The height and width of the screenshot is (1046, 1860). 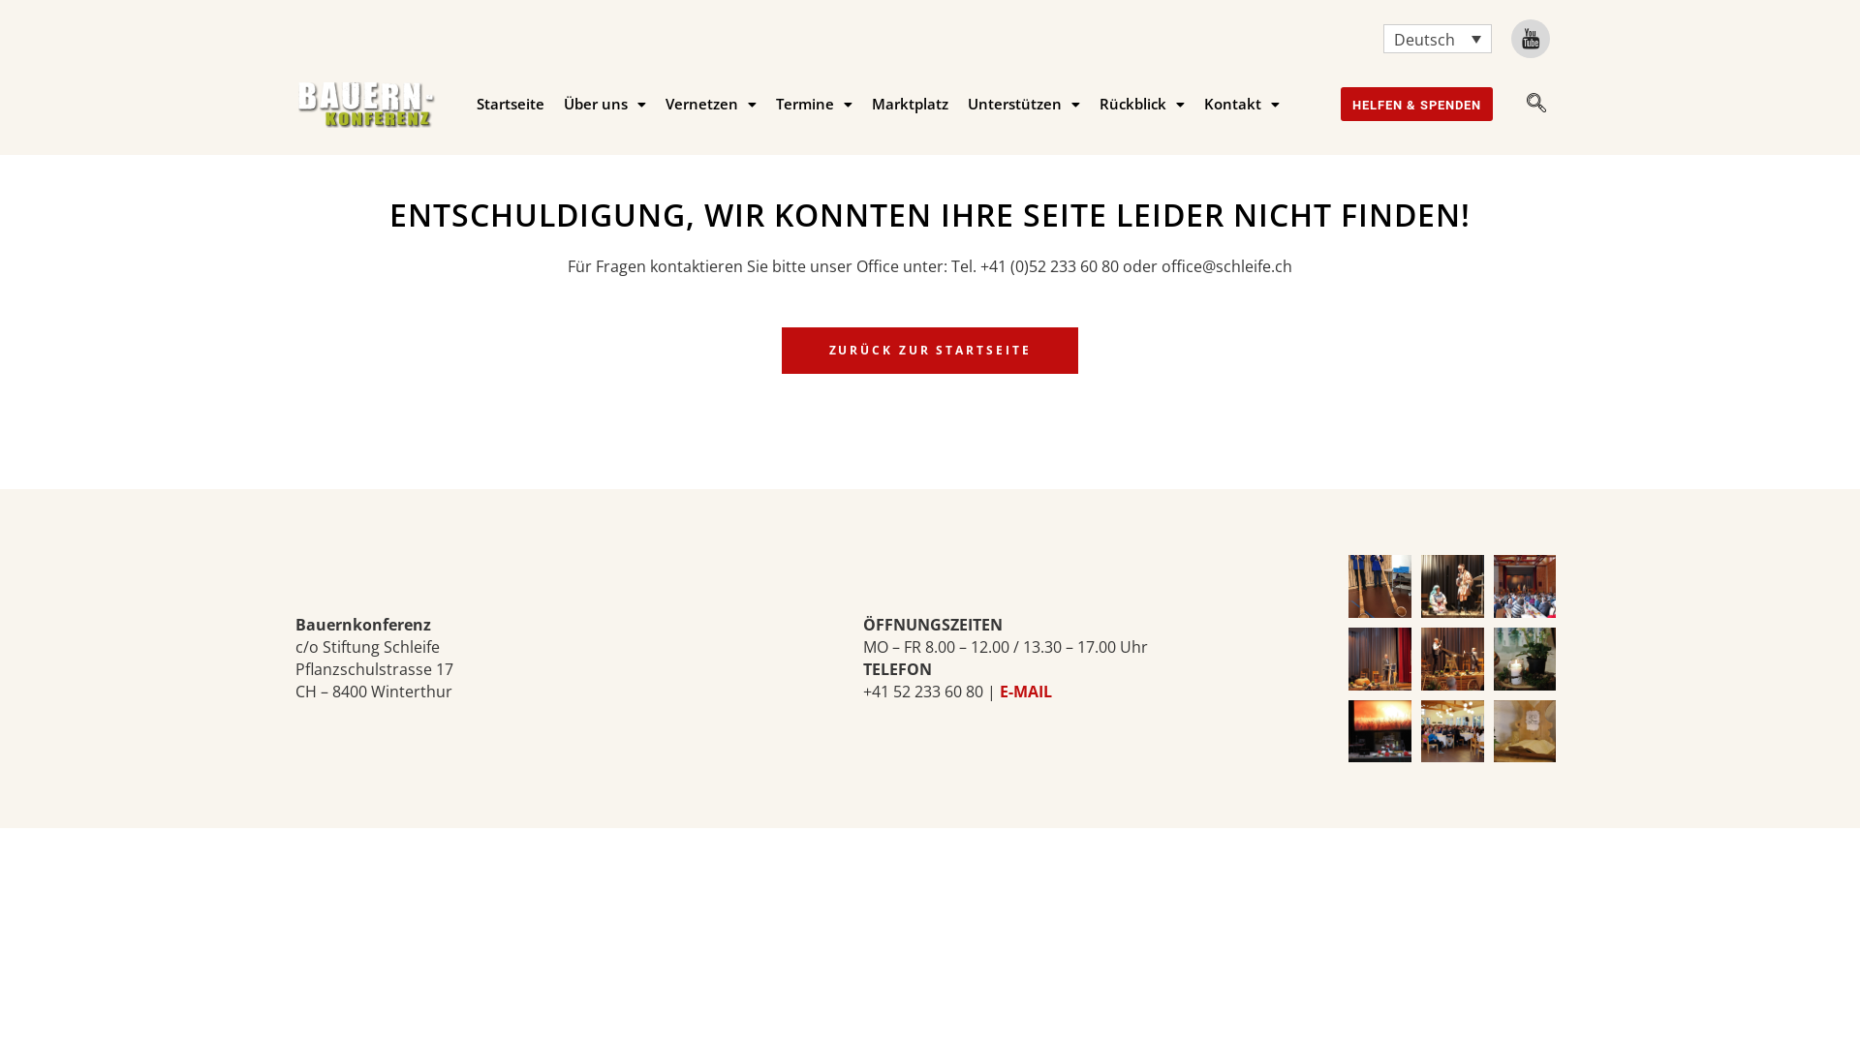 What do you see at coordinates (511, 104) in the screenshot?
I see `'Startseite'` at bounding box center [511, 104].